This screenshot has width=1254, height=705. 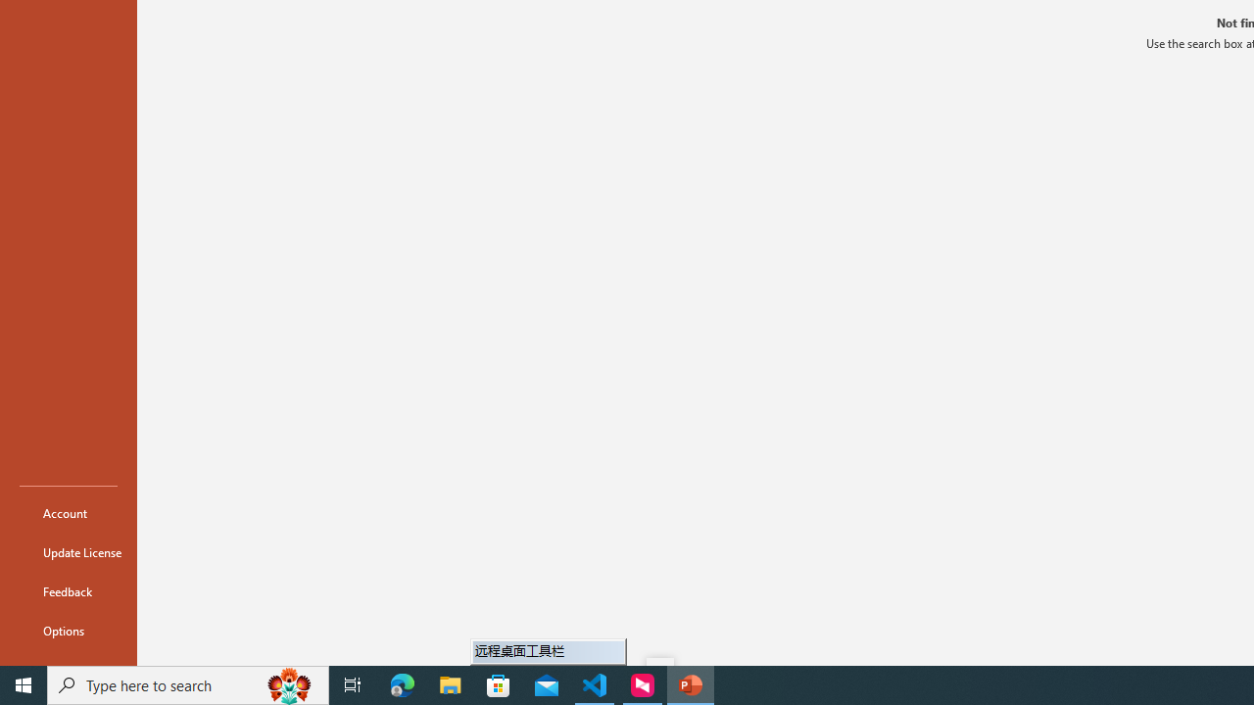 What do you see at coordinates (68, 590) in the screenshot?
I see `'Feedback'` at bounding box center [68, 590].